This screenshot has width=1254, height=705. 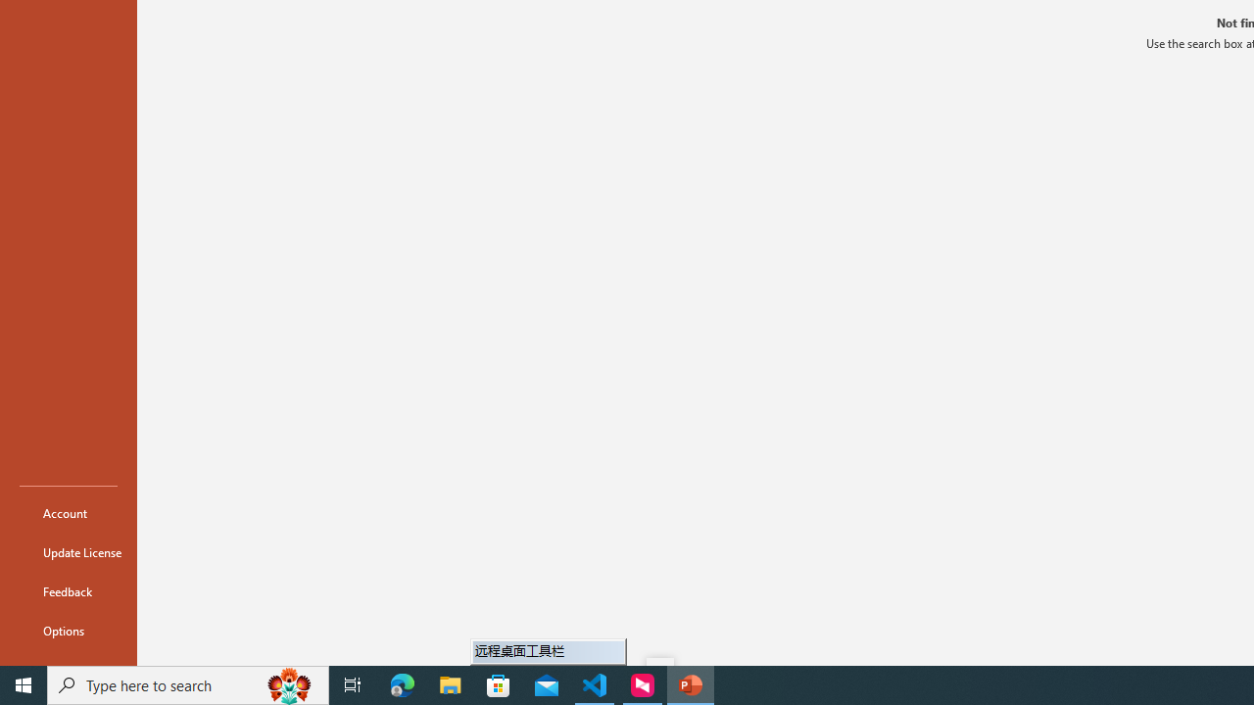 What do you see at coordinates (68, 590) in the screenshot?
I see `'Feedback'` at bounding box center [68, 590].